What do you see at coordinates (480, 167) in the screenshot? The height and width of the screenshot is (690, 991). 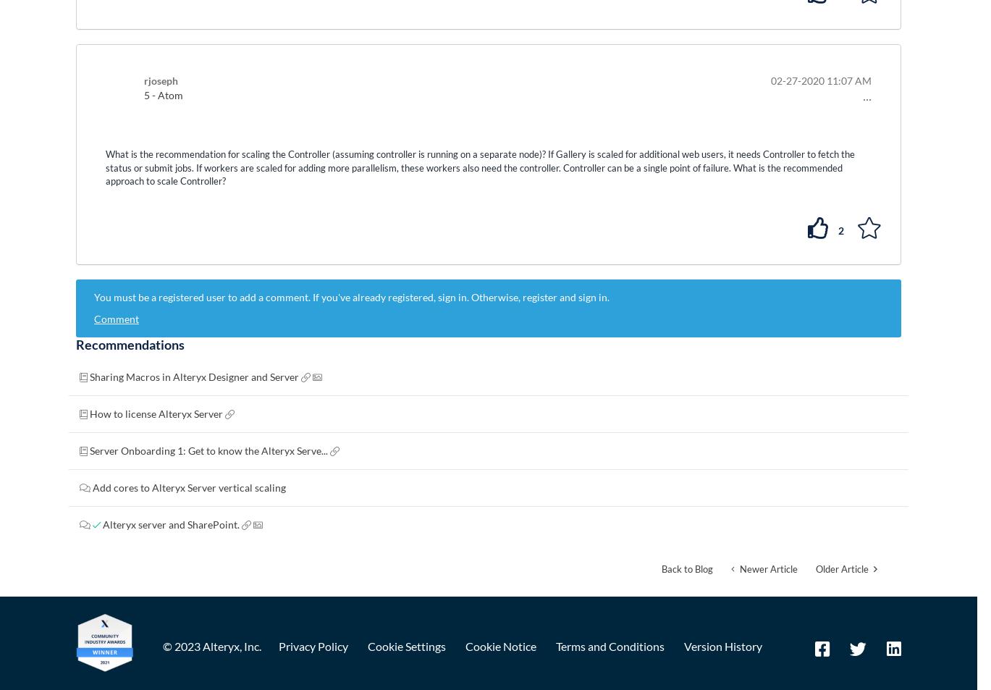 I see `'What is the recommendation for scaling the Controller (assuming controller is running on a separate node)? If Gallery is scaled for additional web users, it needs Controller to fetch the status or submit jobs. If workers are scaled for adding more parallelism, these workers also need the controller. Controller can be a single point of failure. What is the recommended approach to scale Controller?'` at bounding box center [480, 167].